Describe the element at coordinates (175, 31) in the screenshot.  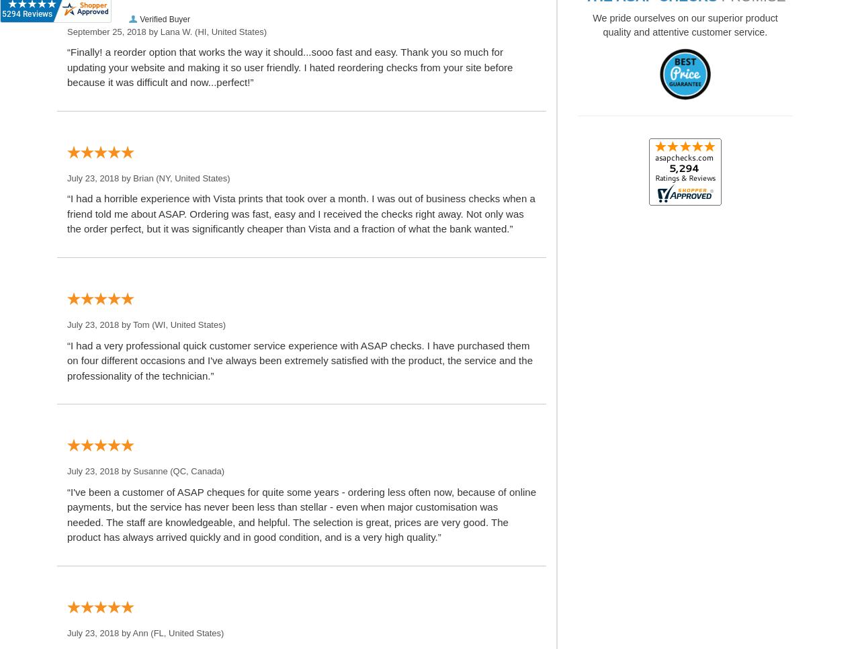
I see `'Lana W.'` at that location.